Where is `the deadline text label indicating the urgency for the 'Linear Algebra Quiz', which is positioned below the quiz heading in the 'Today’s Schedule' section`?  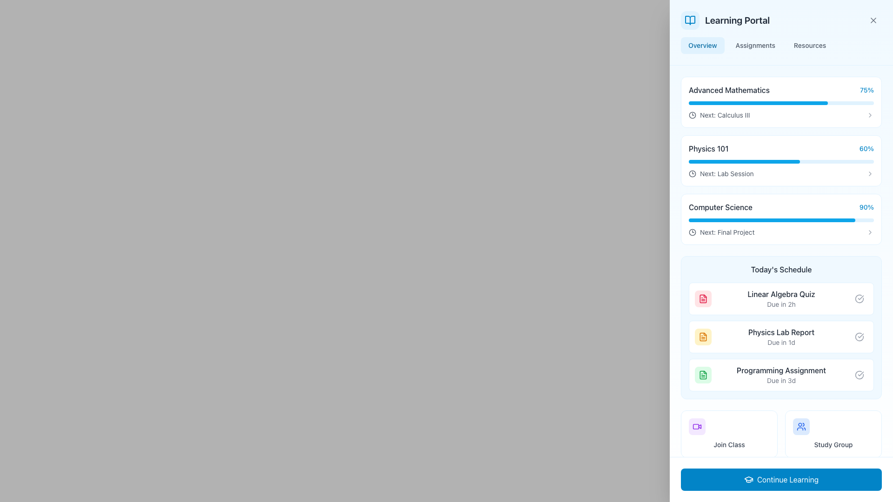 the deadline text label indicating the urgency for the 'Linear Algebra Quiz', which is positioned below the quiz heading in the 'Today’s Schedule' section is located at coordinates (781, 304).